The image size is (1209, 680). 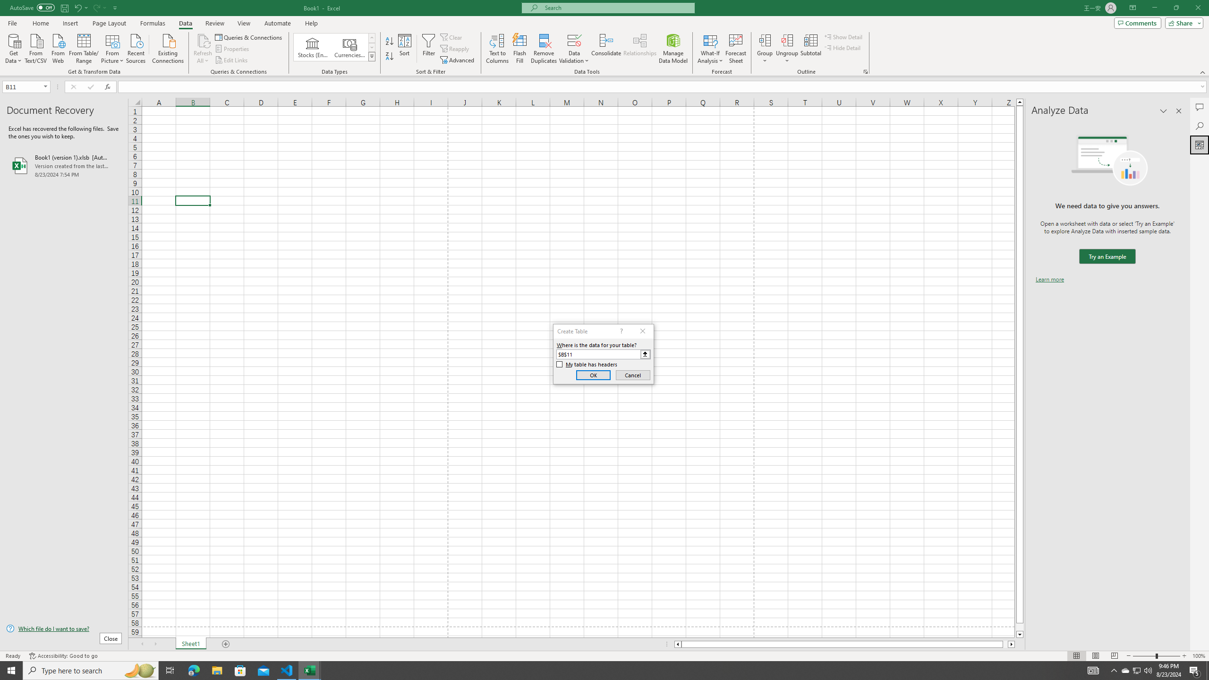 What do you see at coordinates (58, 47) in the screenshot?
I see `'From Web'` at bounding box center [58, 47].